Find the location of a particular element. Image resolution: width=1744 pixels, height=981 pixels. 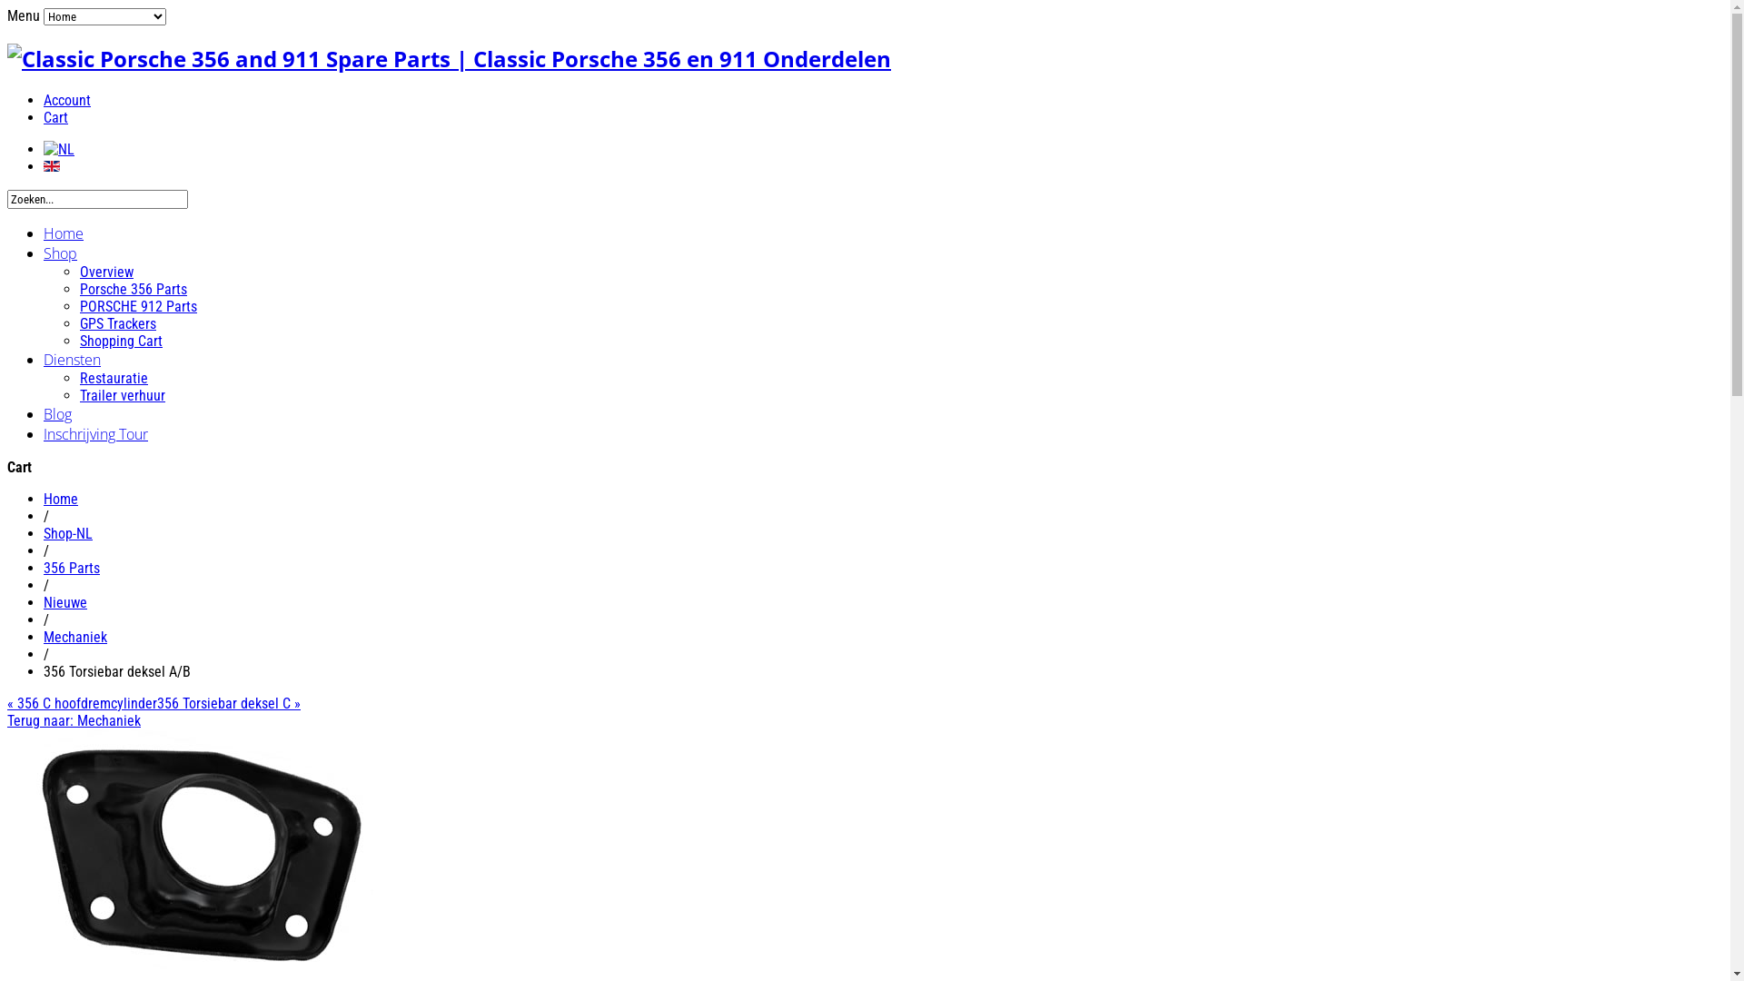

'Account' is located at coordinates (66, 100).